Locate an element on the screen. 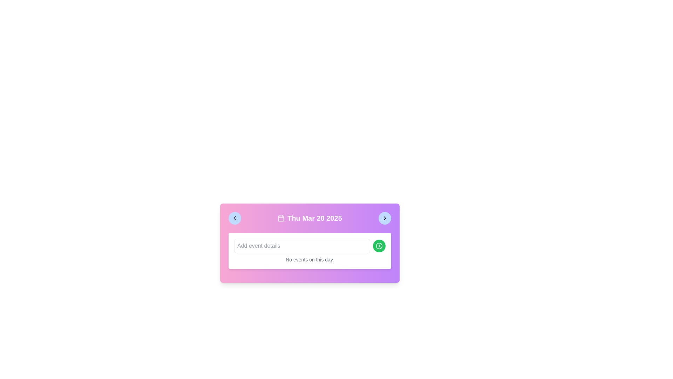  the right-facing chevron icon contained within a circular button at the top-right corner of the rectangular interface panel is located at coordinates (385, 218).